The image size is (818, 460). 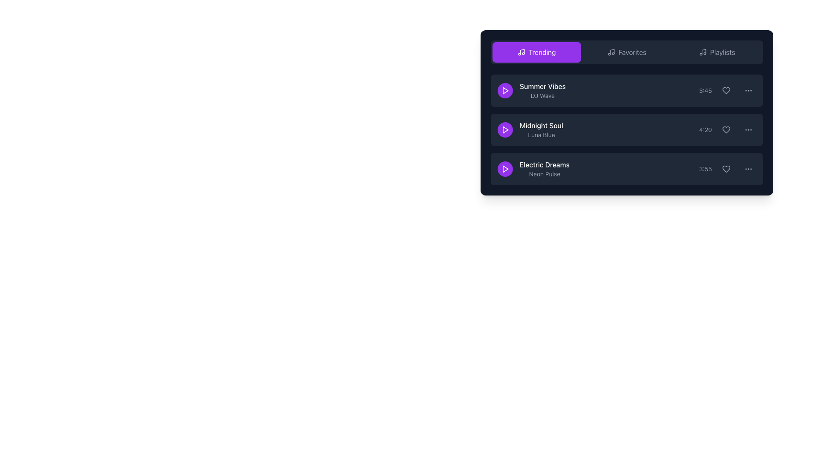 What do you see at coordinates (706, 90) in the screenshot?
I see `the static text label displaying '3:45' in gray font, which is positioned to the right of the text and left of the icon elements in the top item of a vertical list` at bounding box center [706, 90].